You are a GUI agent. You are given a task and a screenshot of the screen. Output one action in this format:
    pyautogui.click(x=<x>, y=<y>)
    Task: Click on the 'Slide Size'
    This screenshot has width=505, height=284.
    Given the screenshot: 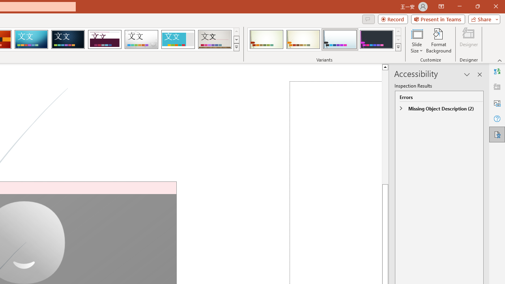 What is the action you would take?
    pyautogui.click(x=416, y=41)
    